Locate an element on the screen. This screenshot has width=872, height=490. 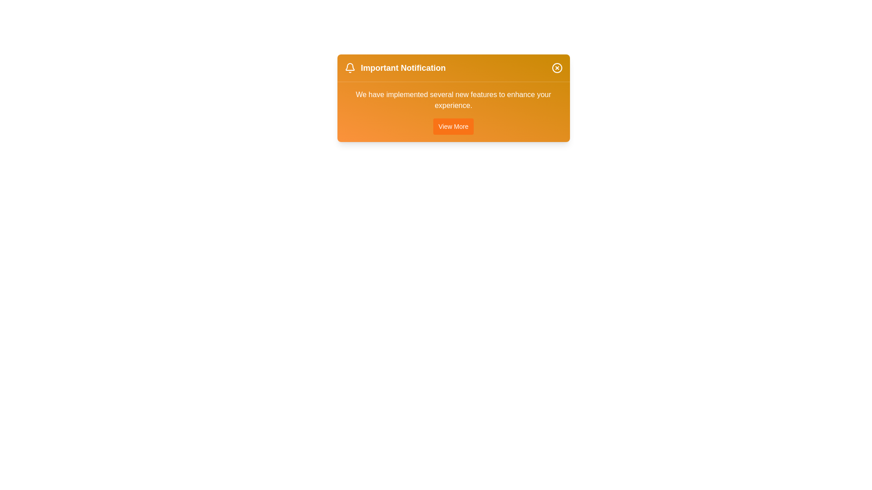
'View More' button to collapse the detailed information section is located at coordinates (453, 126).